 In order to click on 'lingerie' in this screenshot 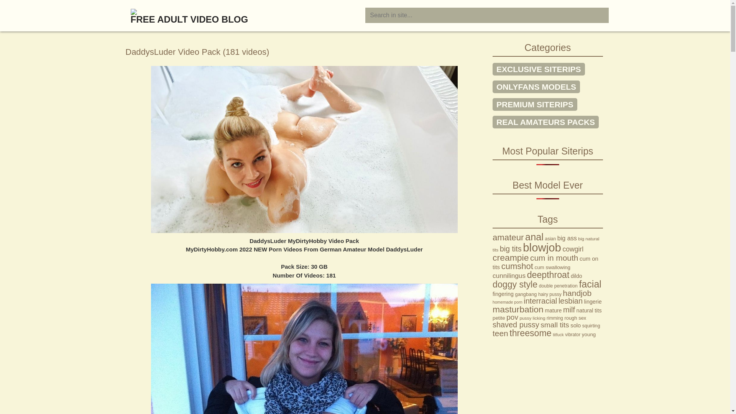, I will do `click(592, 301)`.